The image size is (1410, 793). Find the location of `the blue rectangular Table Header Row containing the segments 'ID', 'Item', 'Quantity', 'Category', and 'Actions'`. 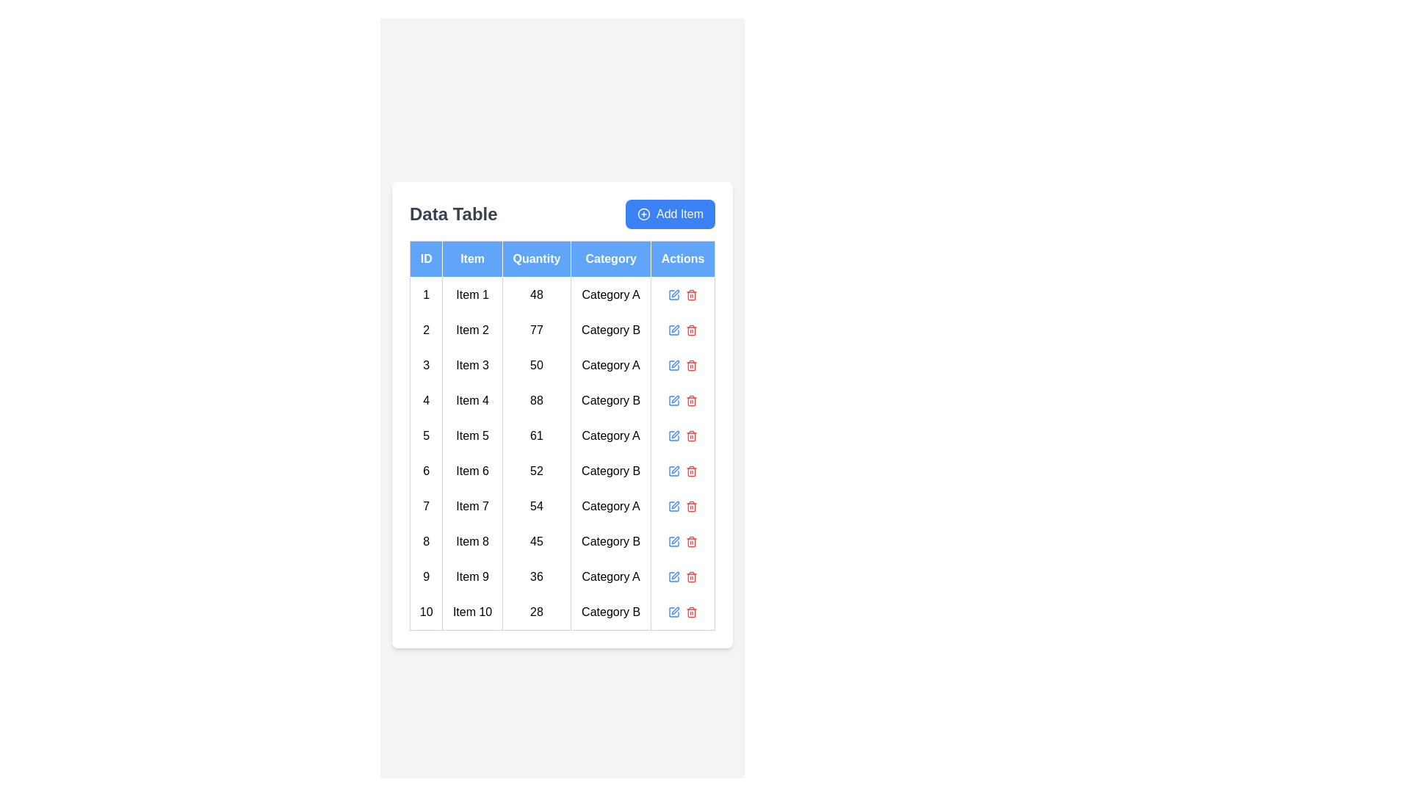

the blue rectangular Table Header Row containing the segments 'ID', 'Item', 'Quantity', 'Category', and 'Actions' is located at coordinates (562, 257).